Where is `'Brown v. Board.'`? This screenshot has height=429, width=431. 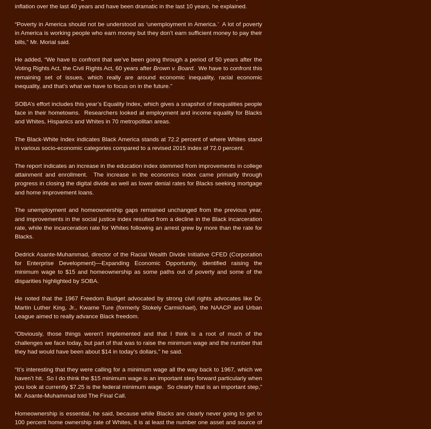 'Brown v. Board.' is located at coordinates (175, 68).